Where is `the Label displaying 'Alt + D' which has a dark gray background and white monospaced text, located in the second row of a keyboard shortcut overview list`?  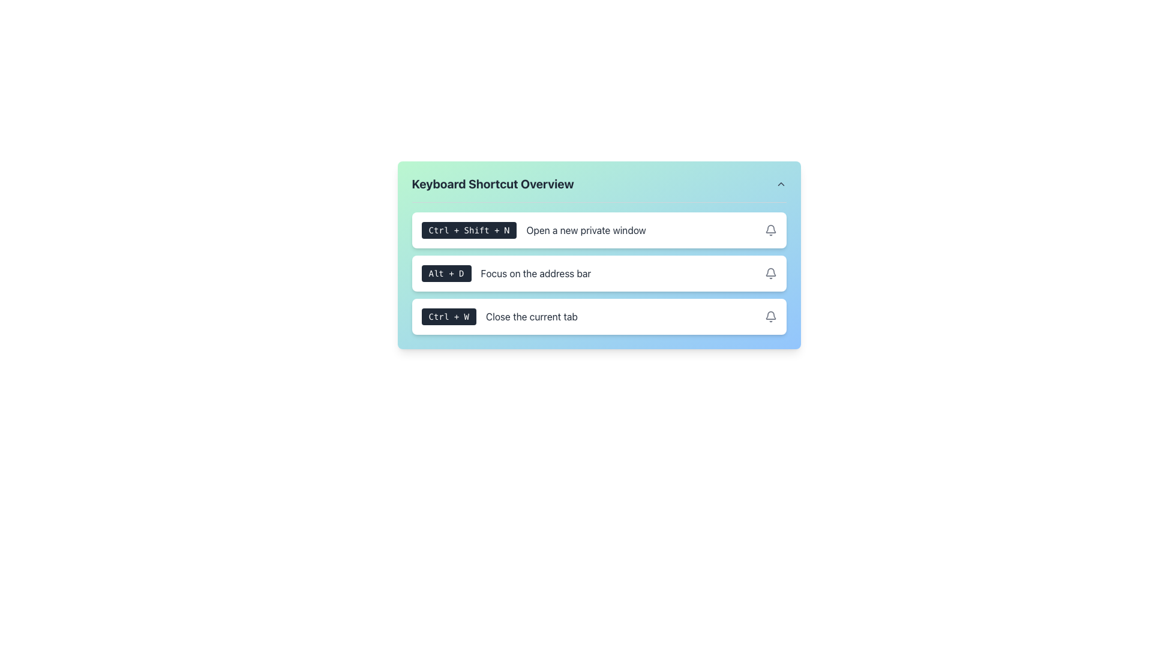
the Label displaying 'Alt + D' which has a dark gray background and white monospaced text, located in the second row of a keyboard shortcut overview list is located at coordinates (446, 273).